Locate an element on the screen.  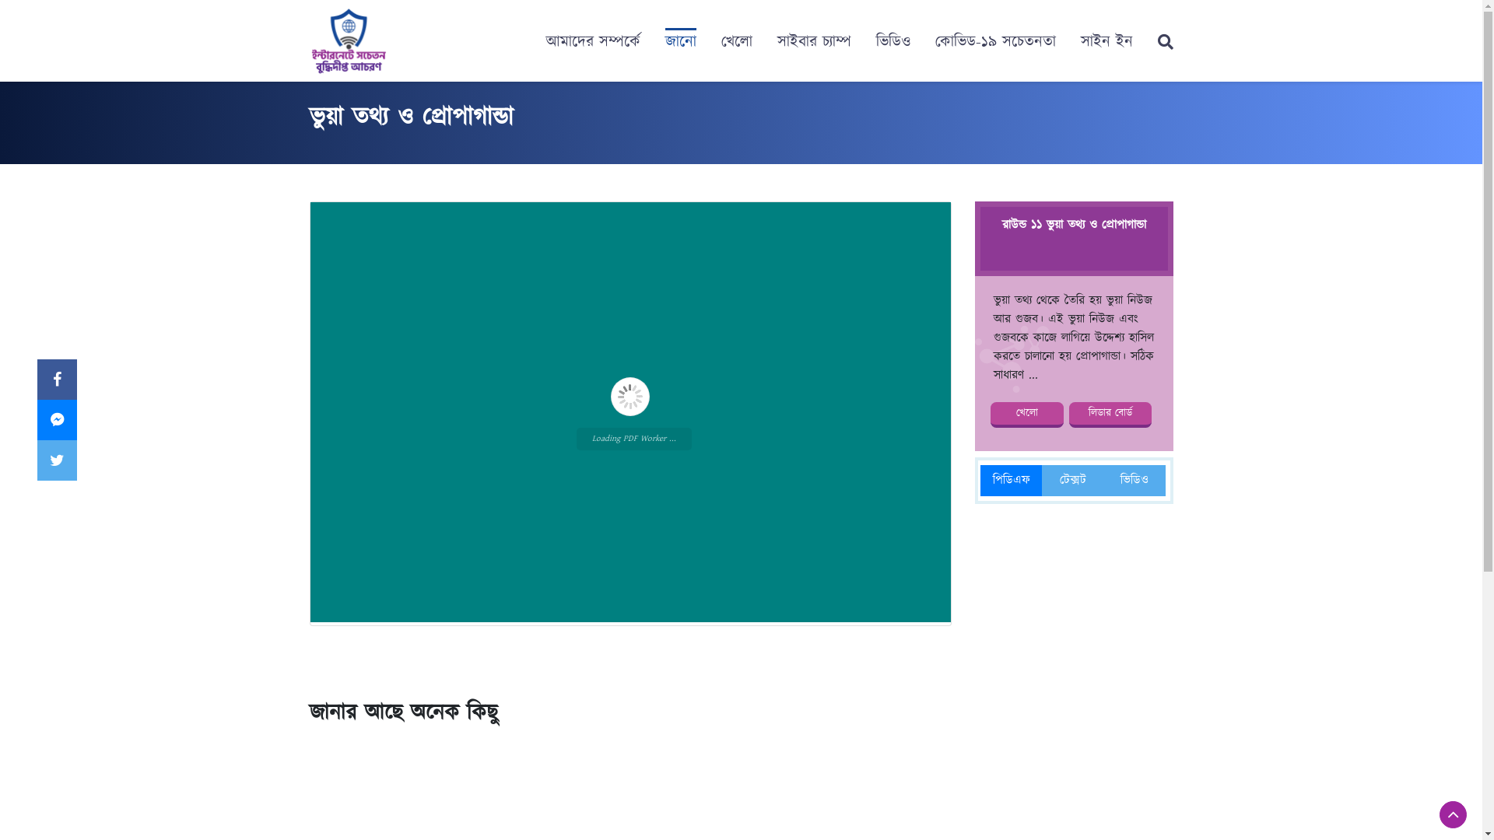
'Back to Top' is located at coordinates (1452, 814).